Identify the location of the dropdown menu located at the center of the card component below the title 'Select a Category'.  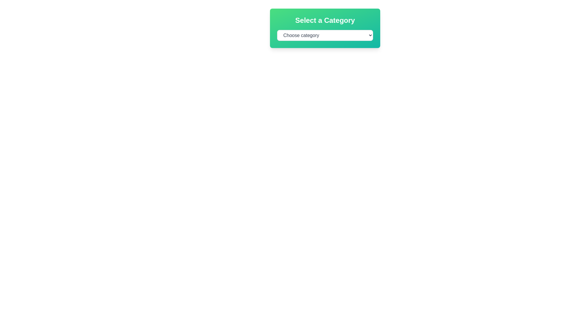
(325, 35).